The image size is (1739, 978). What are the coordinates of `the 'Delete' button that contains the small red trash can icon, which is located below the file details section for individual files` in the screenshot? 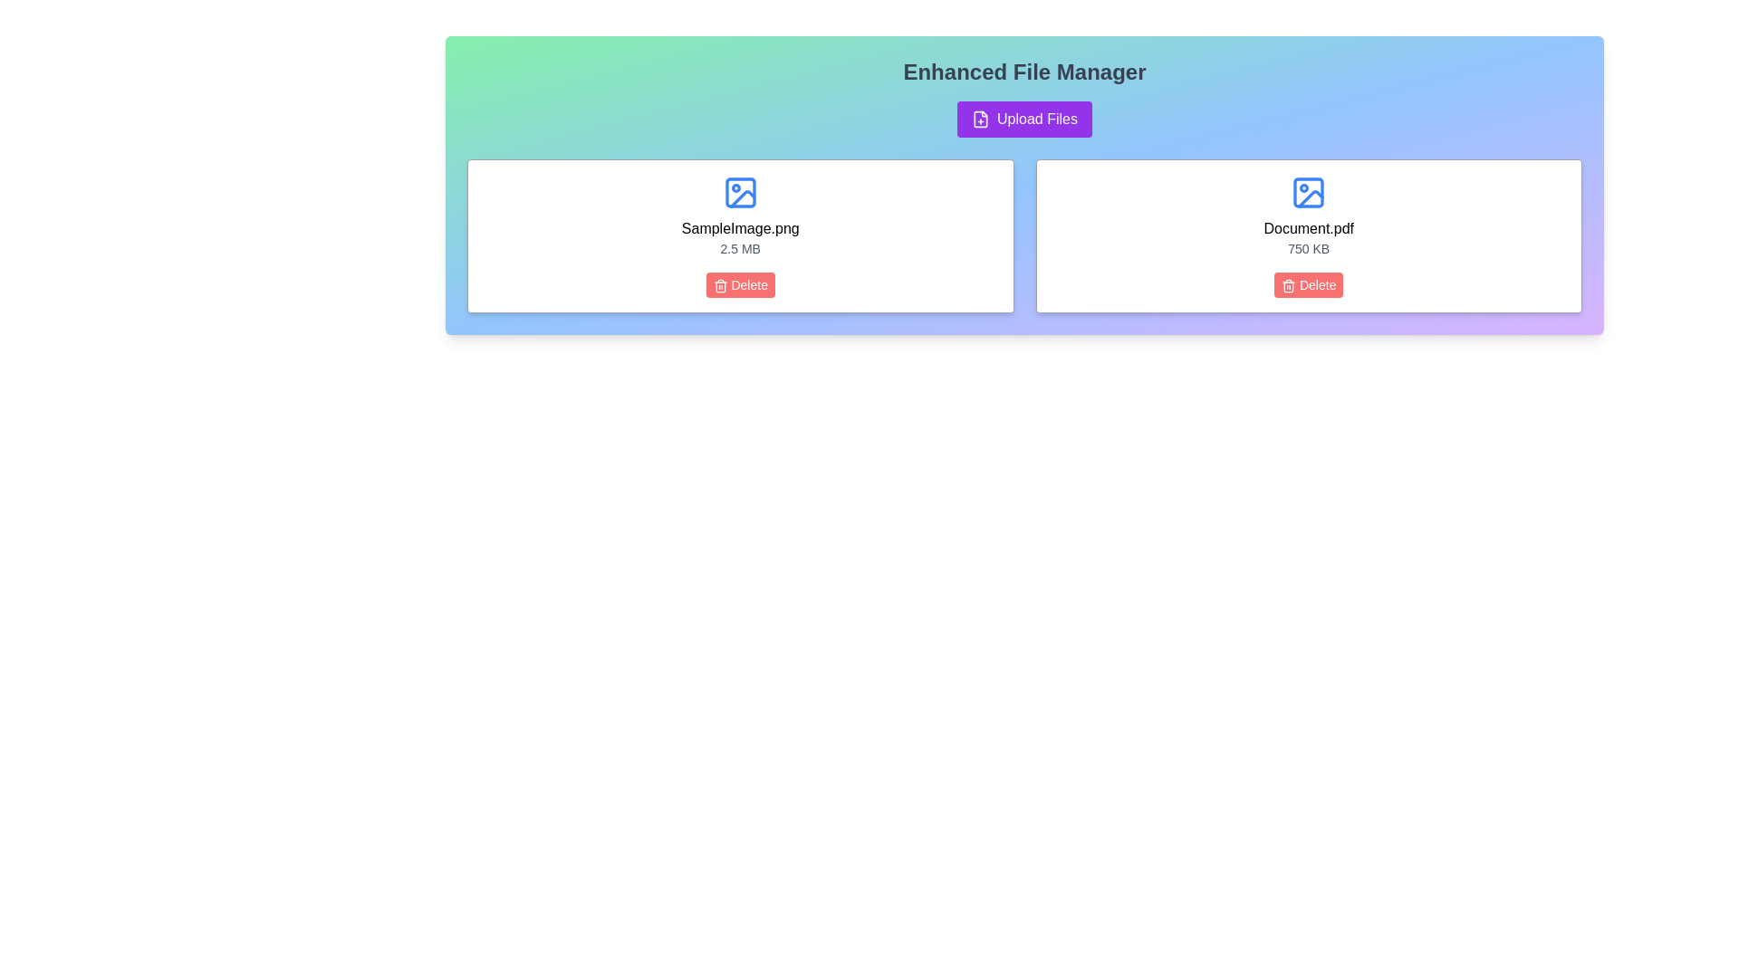 It's located at (1288, 285).